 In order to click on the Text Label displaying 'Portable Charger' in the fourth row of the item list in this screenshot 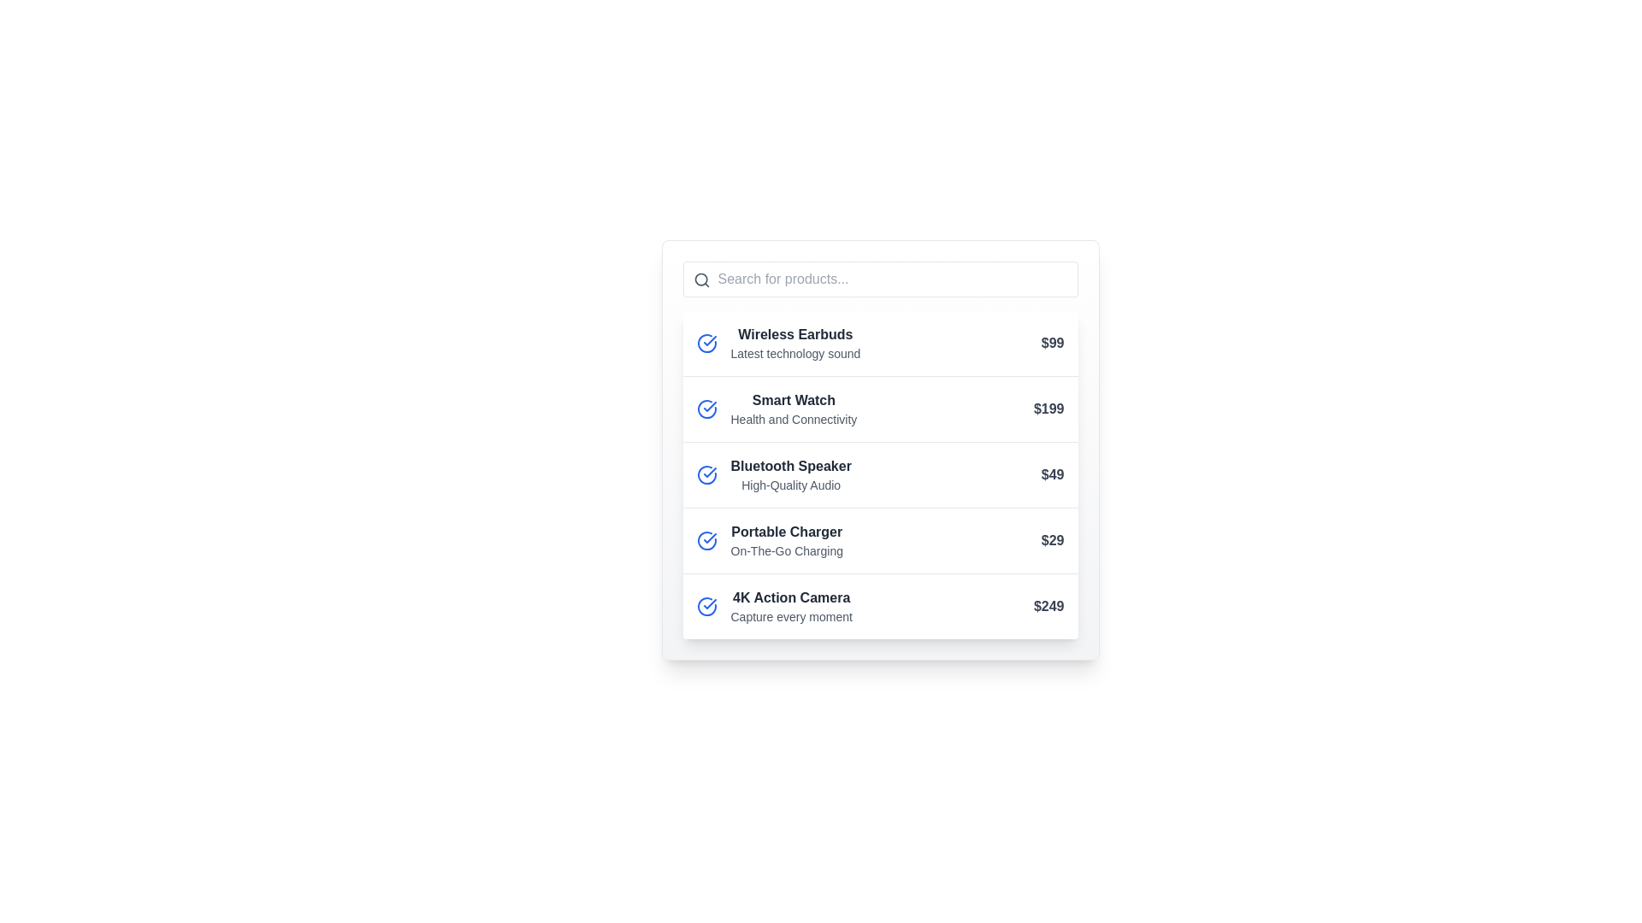, I will do `click(786, 532)`.